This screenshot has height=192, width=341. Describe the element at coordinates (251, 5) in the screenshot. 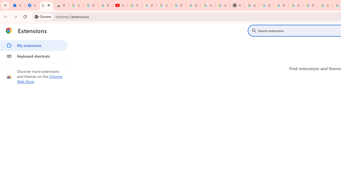

I see `'https://scholar.google.com/'` at that location.